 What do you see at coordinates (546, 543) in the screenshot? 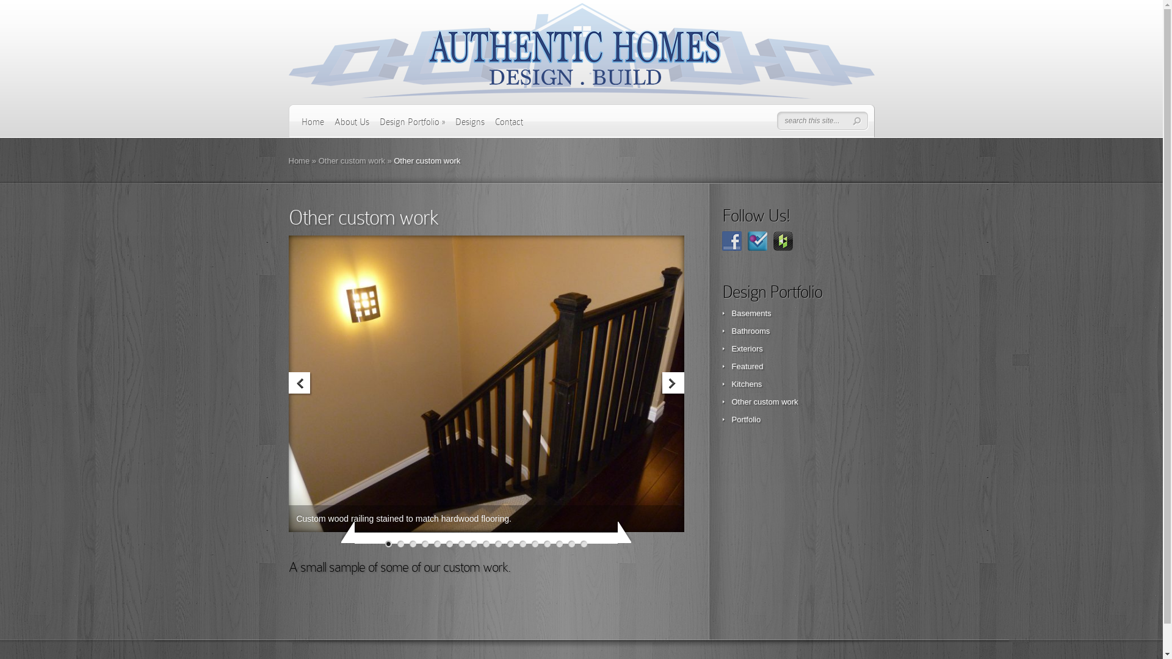
I see `'14'` at bounding box center [546, 543].